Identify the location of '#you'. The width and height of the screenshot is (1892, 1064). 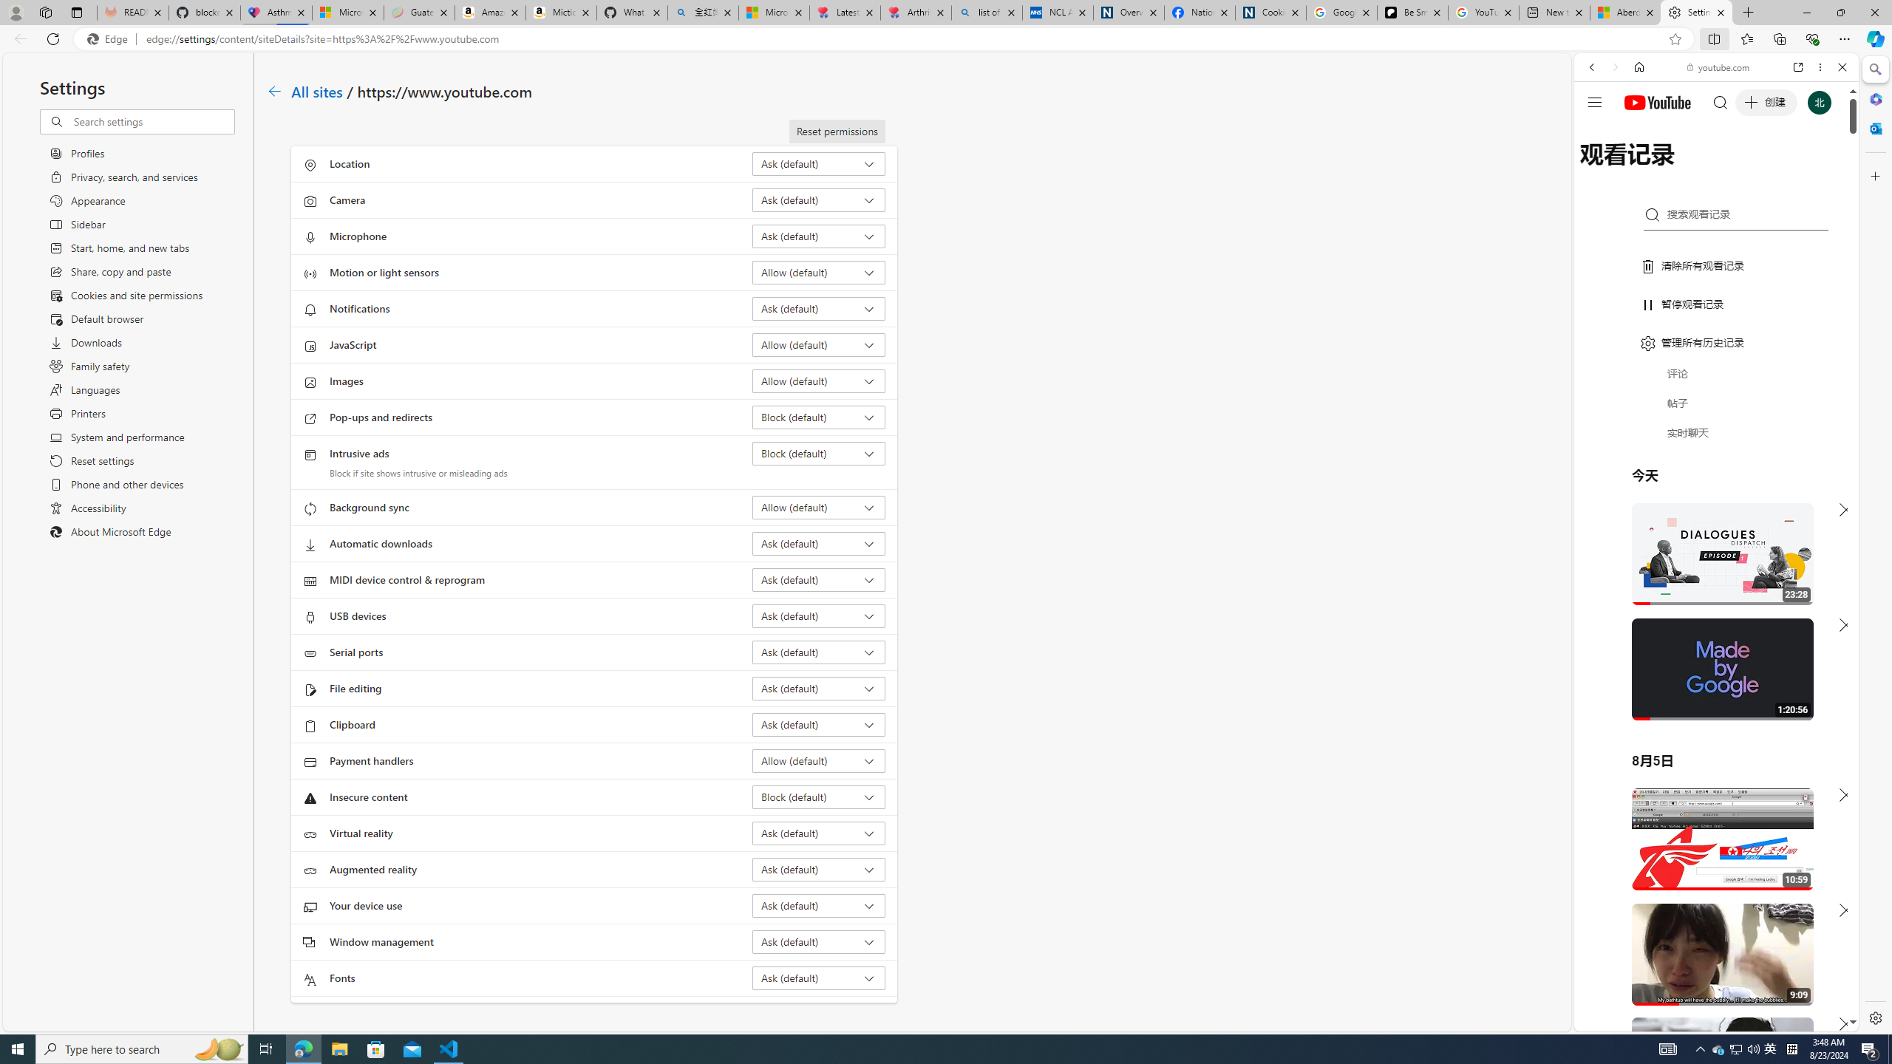
(1710, 856).